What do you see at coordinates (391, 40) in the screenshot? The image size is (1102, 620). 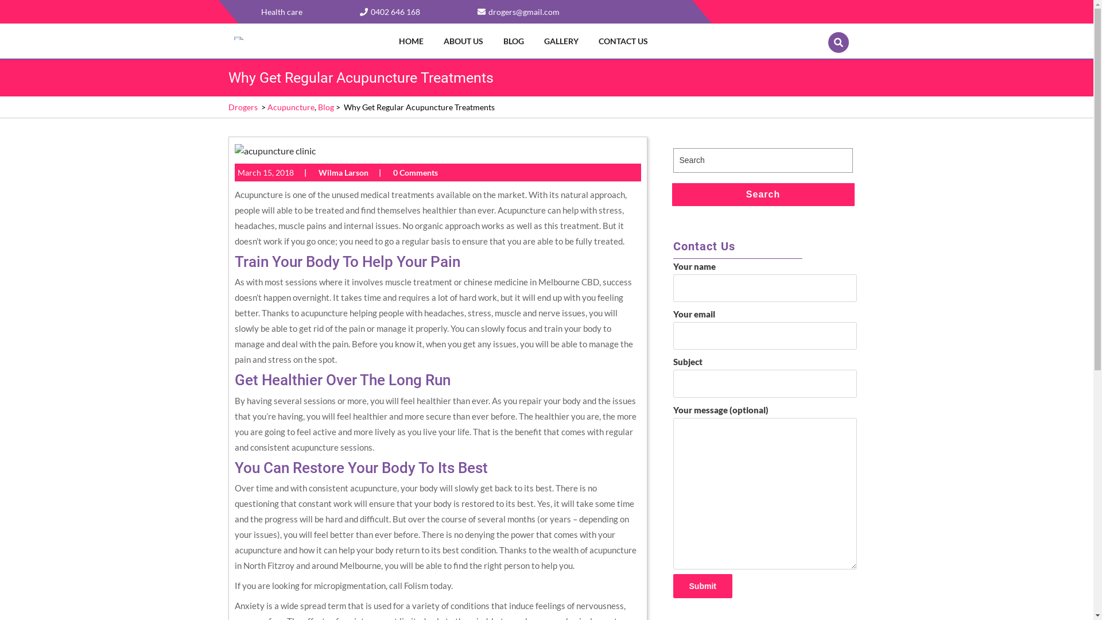 I see `'HOME'` at bounding box center [391, 40].